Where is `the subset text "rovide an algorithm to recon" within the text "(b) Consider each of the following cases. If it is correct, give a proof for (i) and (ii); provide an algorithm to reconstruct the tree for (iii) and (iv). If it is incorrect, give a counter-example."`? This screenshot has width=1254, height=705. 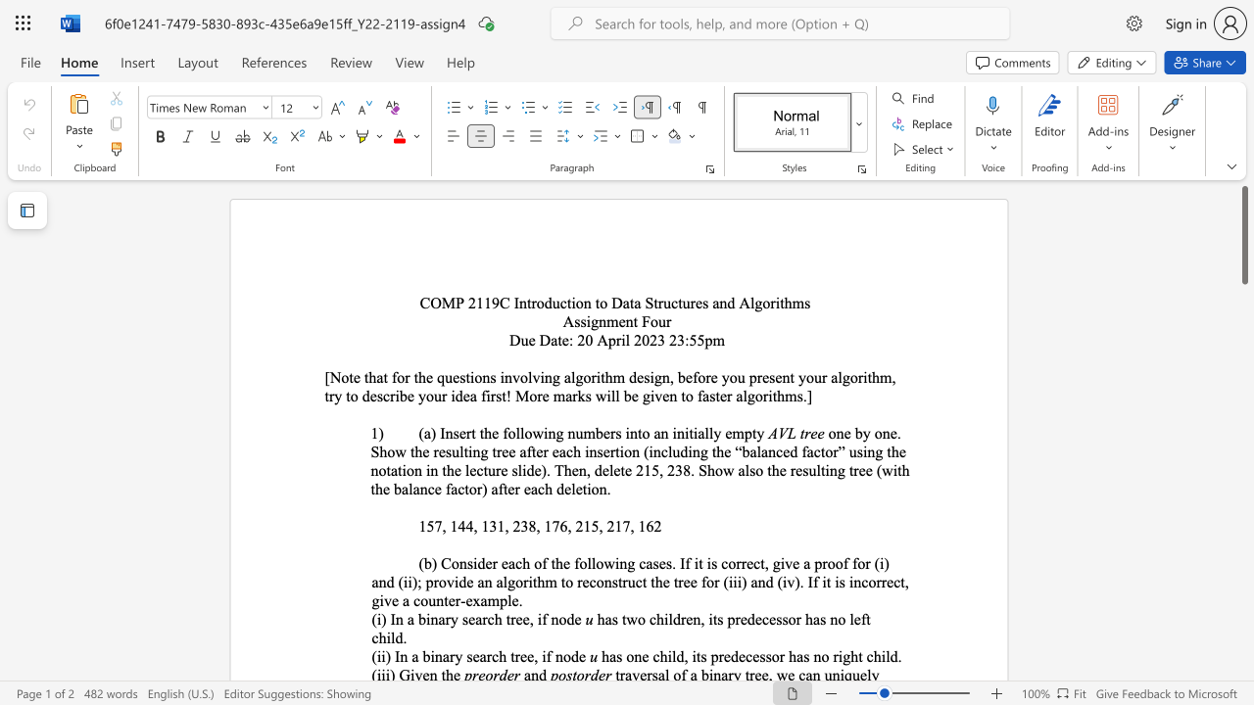 the subset text "rovide an algorithm to recon" within the text "(b) Consider each of the following cases. If it is correct, give a proof for (i) and (ii); provide an algorithm to reconstruct the tree for (iii) and (iv). If it is incorrect, give a counter-example." is located at coordinates (432, 581).